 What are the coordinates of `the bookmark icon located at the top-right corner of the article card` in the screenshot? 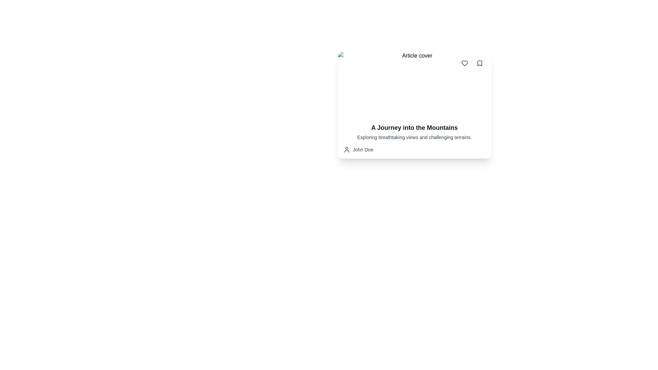 It's located at (479, 63).